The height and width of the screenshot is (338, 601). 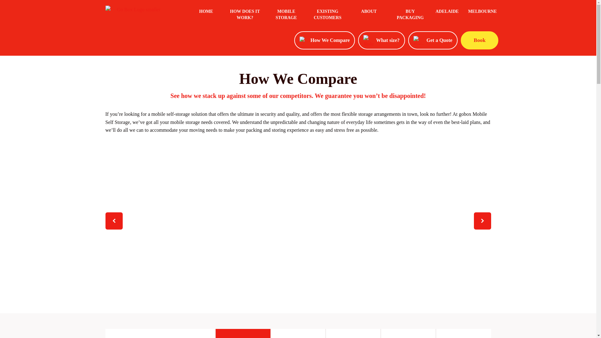 I want to click on 'HOW DOES IT WORK?', so click(x=244, y=15).